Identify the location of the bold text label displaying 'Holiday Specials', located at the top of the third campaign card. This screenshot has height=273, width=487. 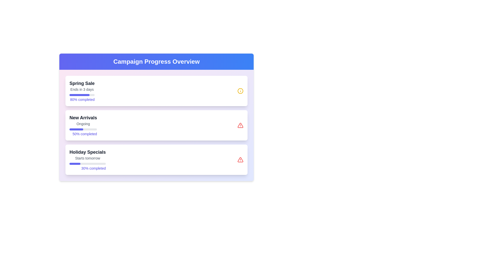
(88, 152).